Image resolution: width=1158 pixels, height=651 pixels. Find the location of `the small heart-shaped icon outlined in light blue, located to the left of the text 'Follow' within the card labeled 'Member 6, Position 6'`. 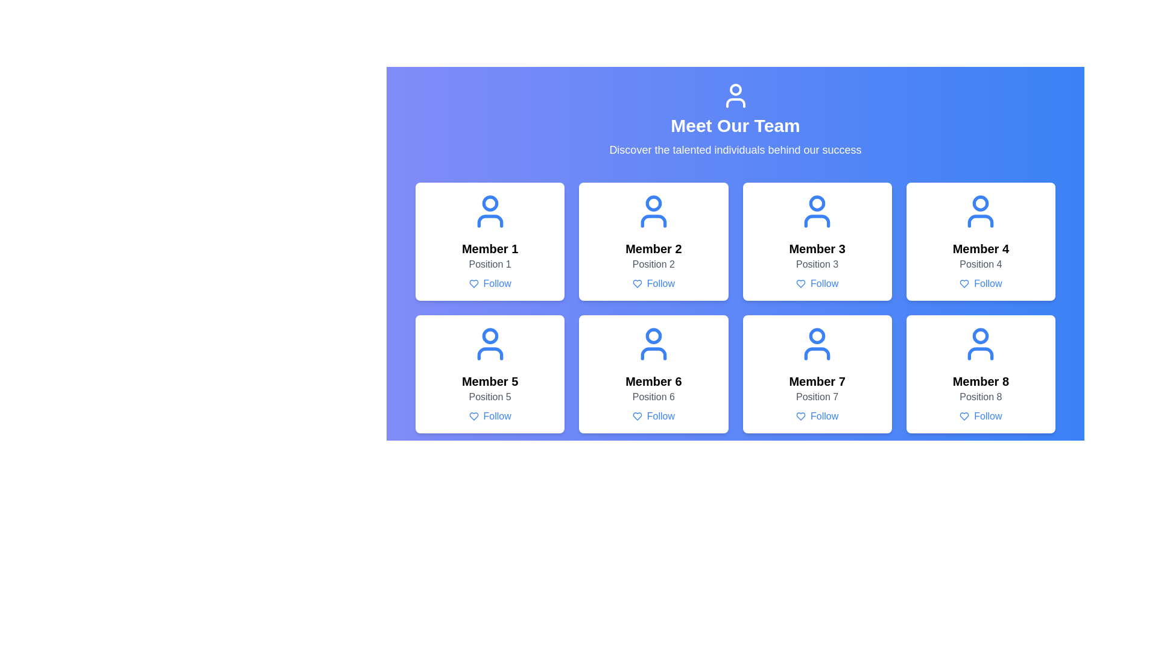

the small heart-shaped icon outlined in light blue, located to the left of the text 'Follow' within the card labeled 'Member 6, Position 6' is located at coordinates (636, 415).